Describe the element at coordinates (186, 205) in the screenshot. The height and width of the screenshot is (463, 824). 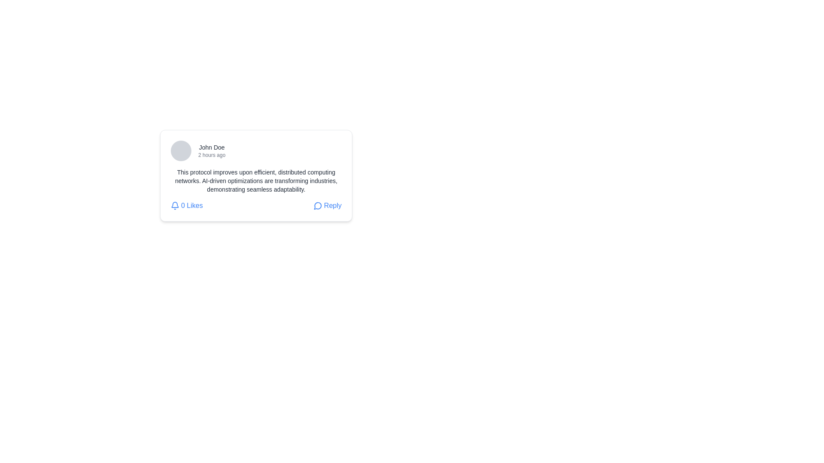
I see `the interactive text label that displays '0 Likes' with a bell icon to register a like` at that location.